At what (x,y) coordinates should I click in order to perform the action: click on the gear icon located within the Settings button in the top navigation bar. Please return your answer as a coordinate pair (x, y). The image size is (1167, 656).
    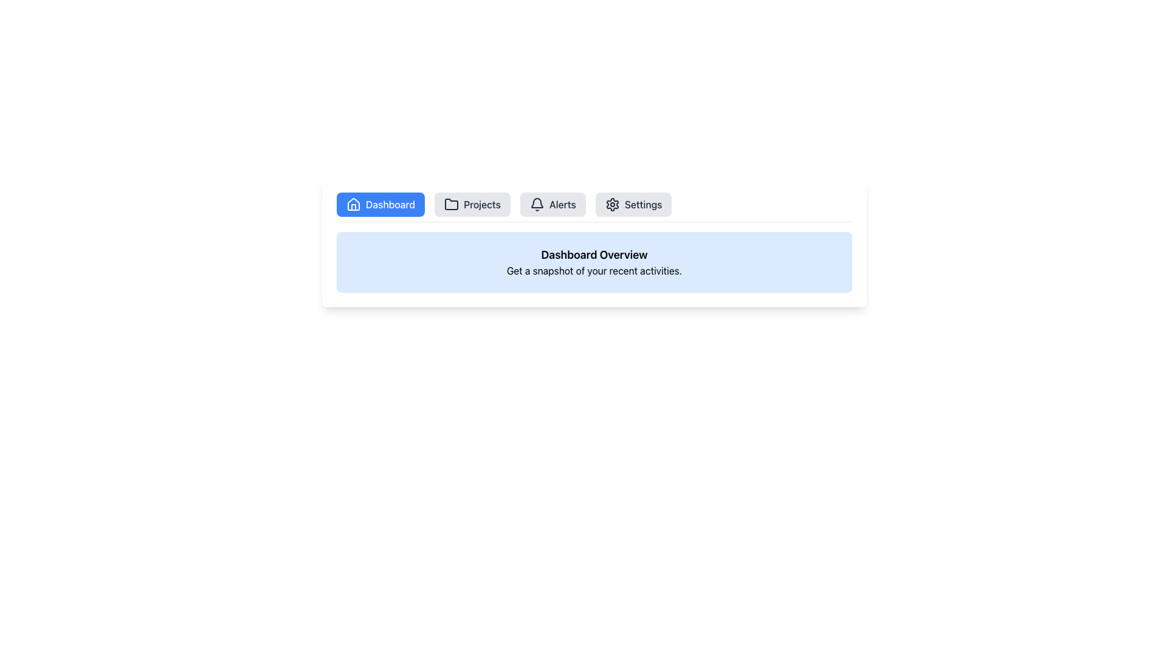
    Looking at the image, I should click on (612, 203).